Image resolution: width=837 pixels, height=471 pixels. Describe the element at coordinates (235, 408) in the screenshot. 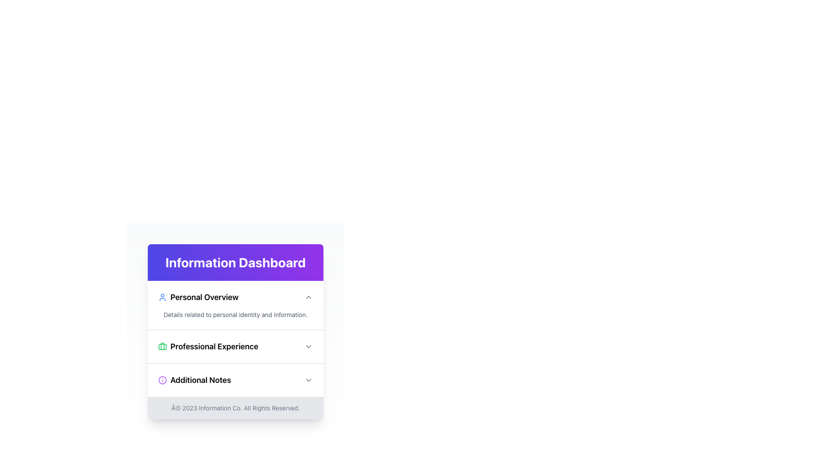

I see `the copyright notice text 'Â© 2023 Information Co. All Rights Reserved.' displayed in gray at the bottom of the interface` at that location.